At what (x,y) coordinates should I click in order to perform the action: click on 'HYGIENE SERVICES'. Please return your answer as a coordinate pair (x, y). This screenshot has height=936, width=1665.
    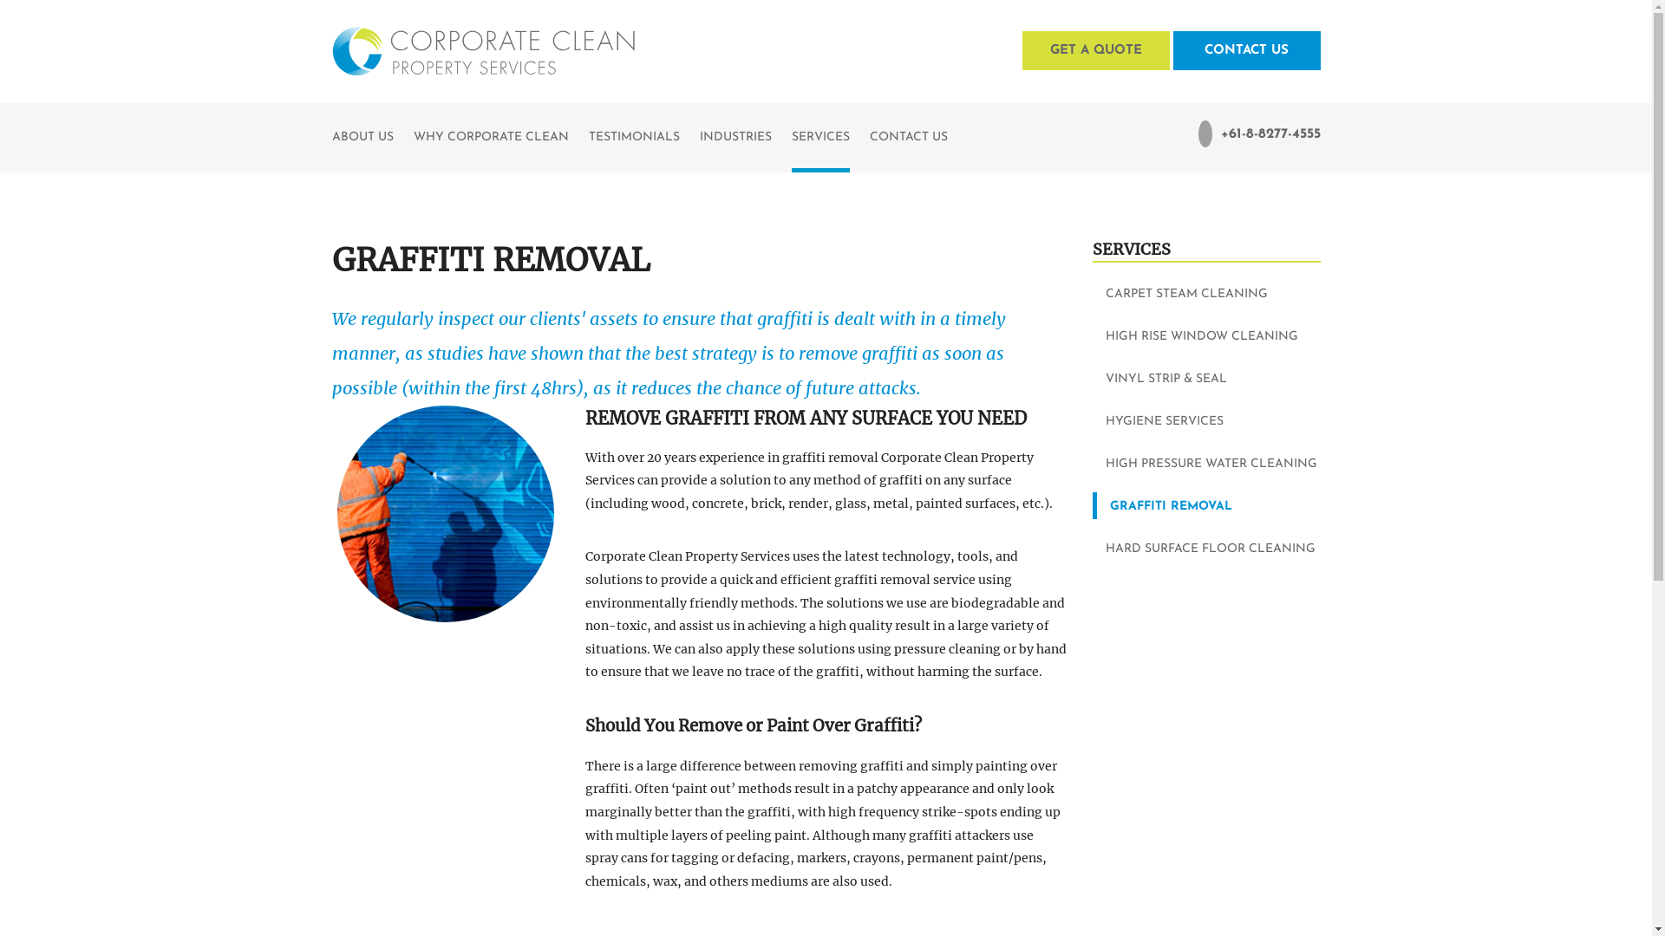
    Looking at the image, I should click on (1205, 420).